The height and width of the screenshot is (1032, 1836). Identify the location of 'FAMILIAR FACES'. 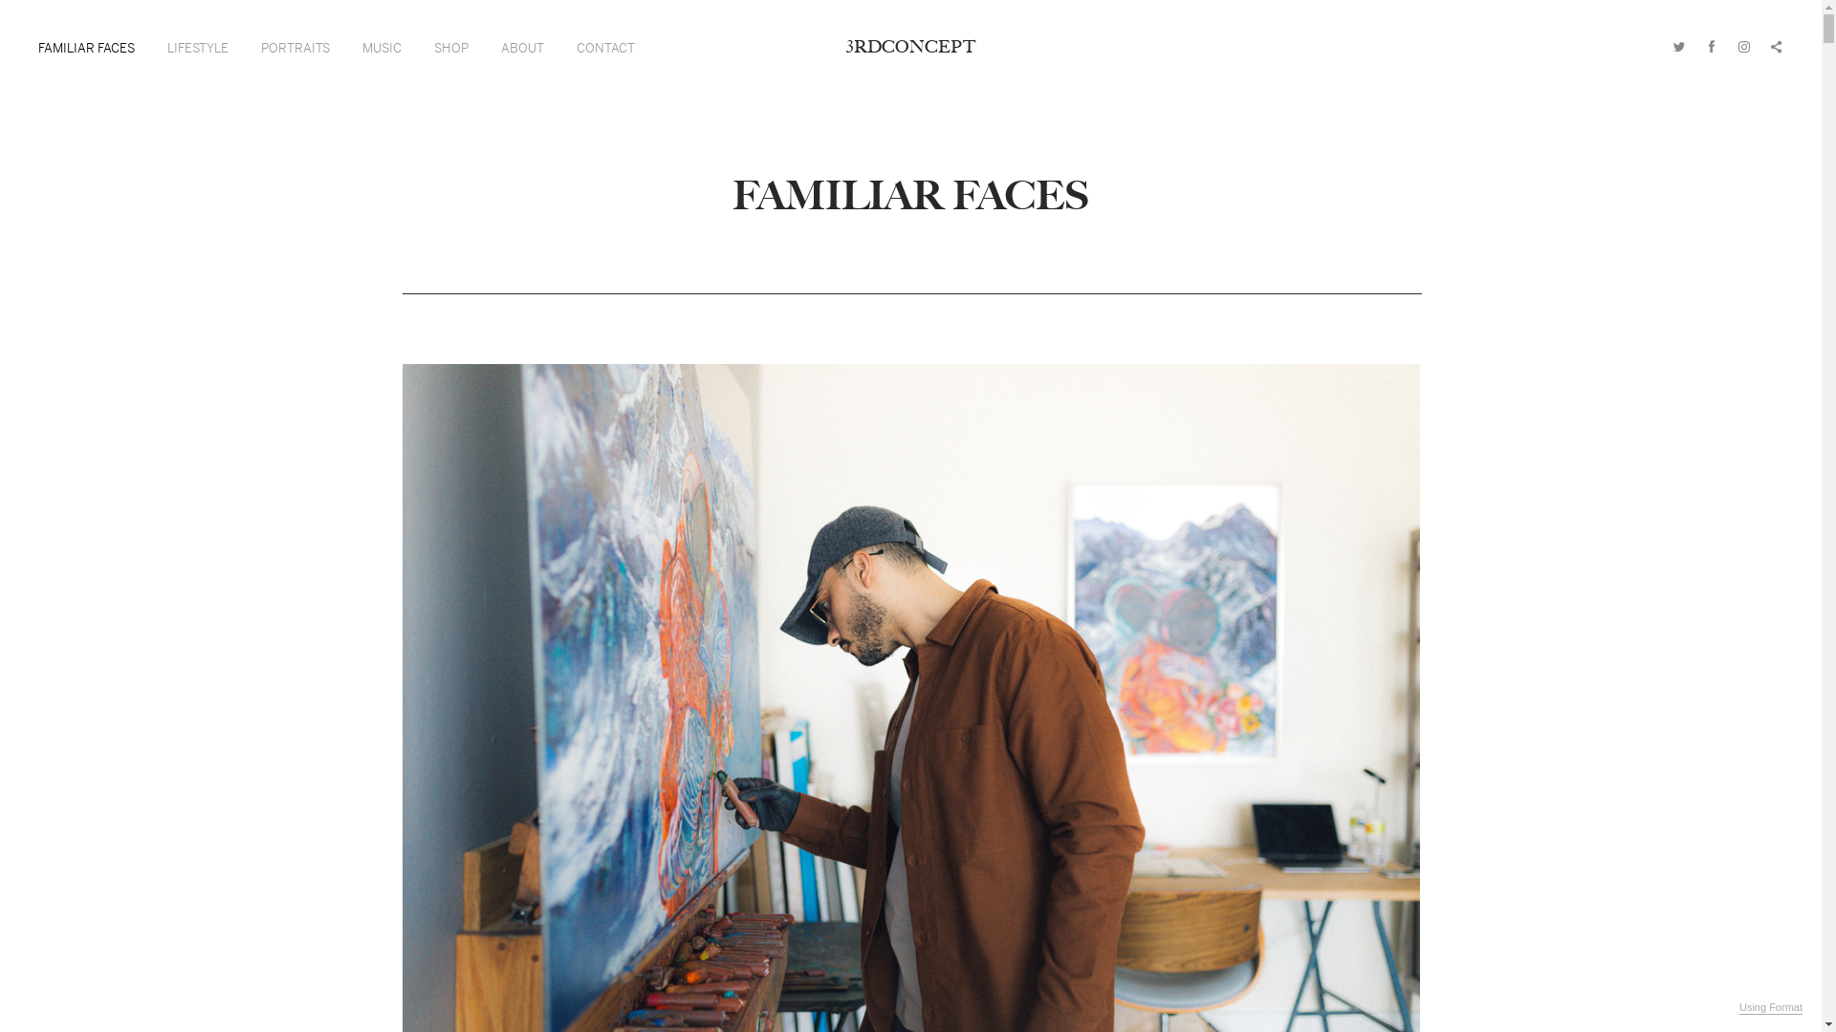
(85, 47).